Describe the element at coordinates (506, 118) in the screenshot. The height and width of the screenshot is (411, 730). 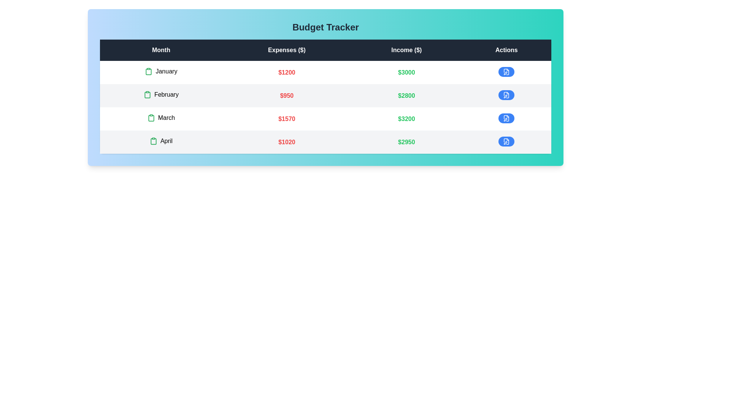
I see `edit button for the row corresponding to March` at that location.